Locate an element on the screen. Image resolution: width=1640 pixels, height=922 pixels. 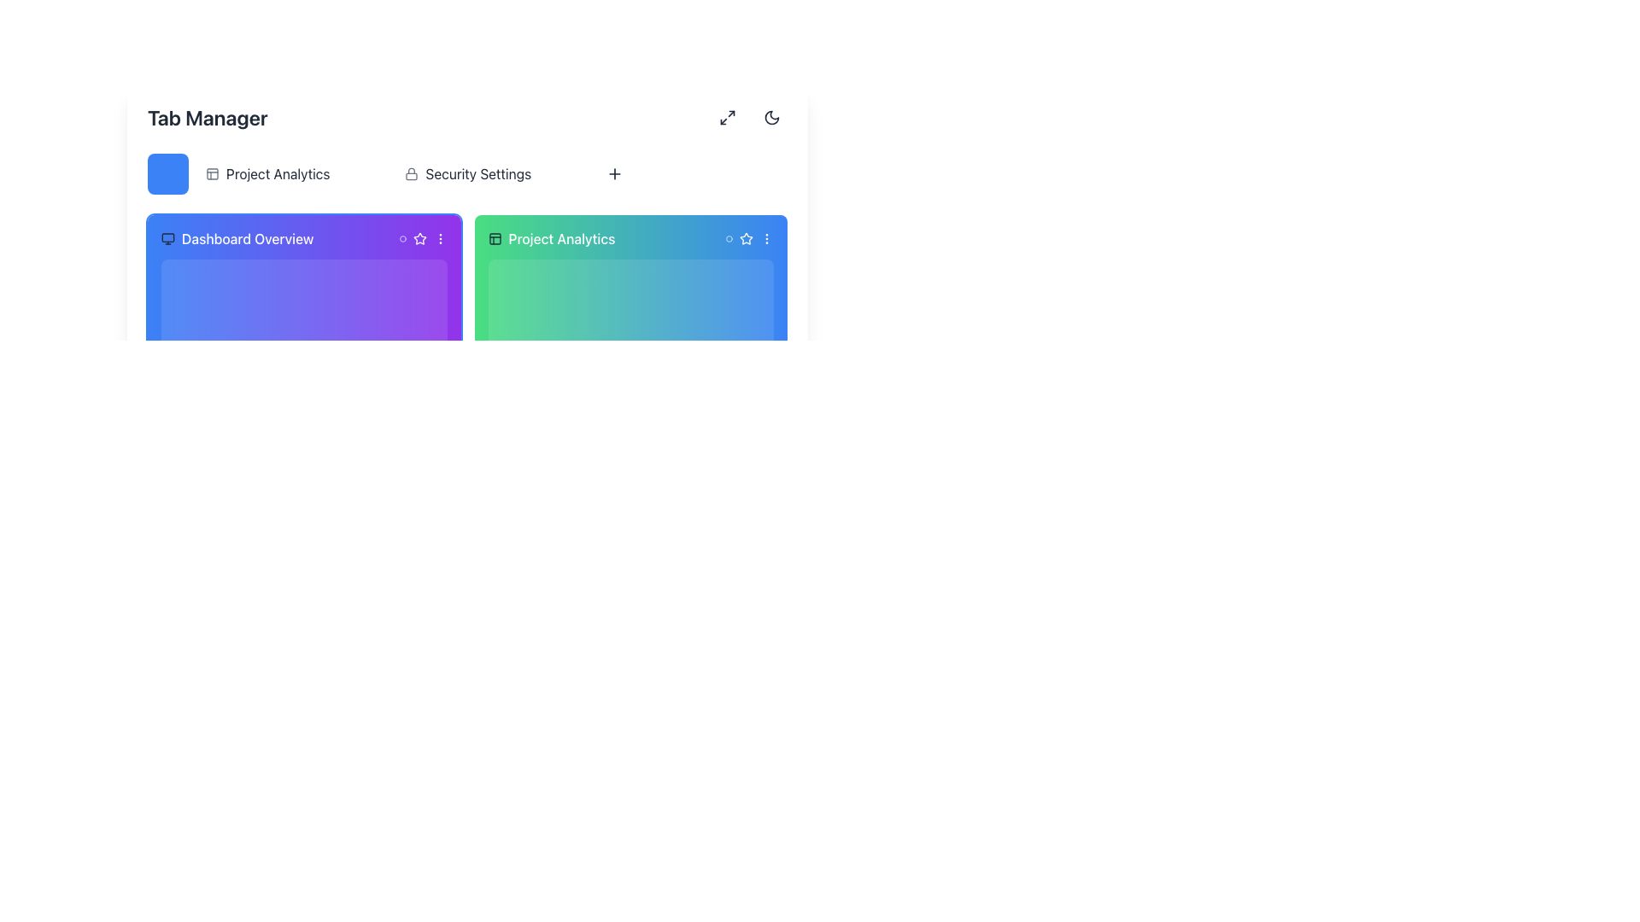
the second button from the left in the horizontal navigation below the 'Tab Manager' is located at coordinates (291, 174).